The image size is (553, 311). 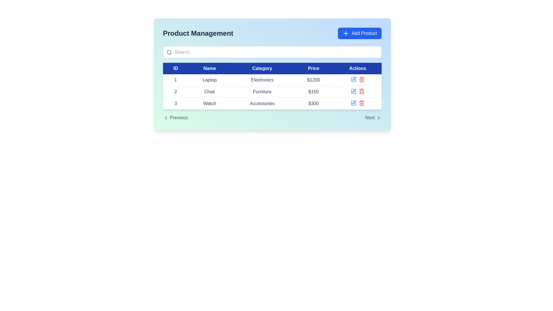 I want to click on the 'Electronics' text label in the 'Category' column for the 'Laptop' entry, so click(x=262, y=80).